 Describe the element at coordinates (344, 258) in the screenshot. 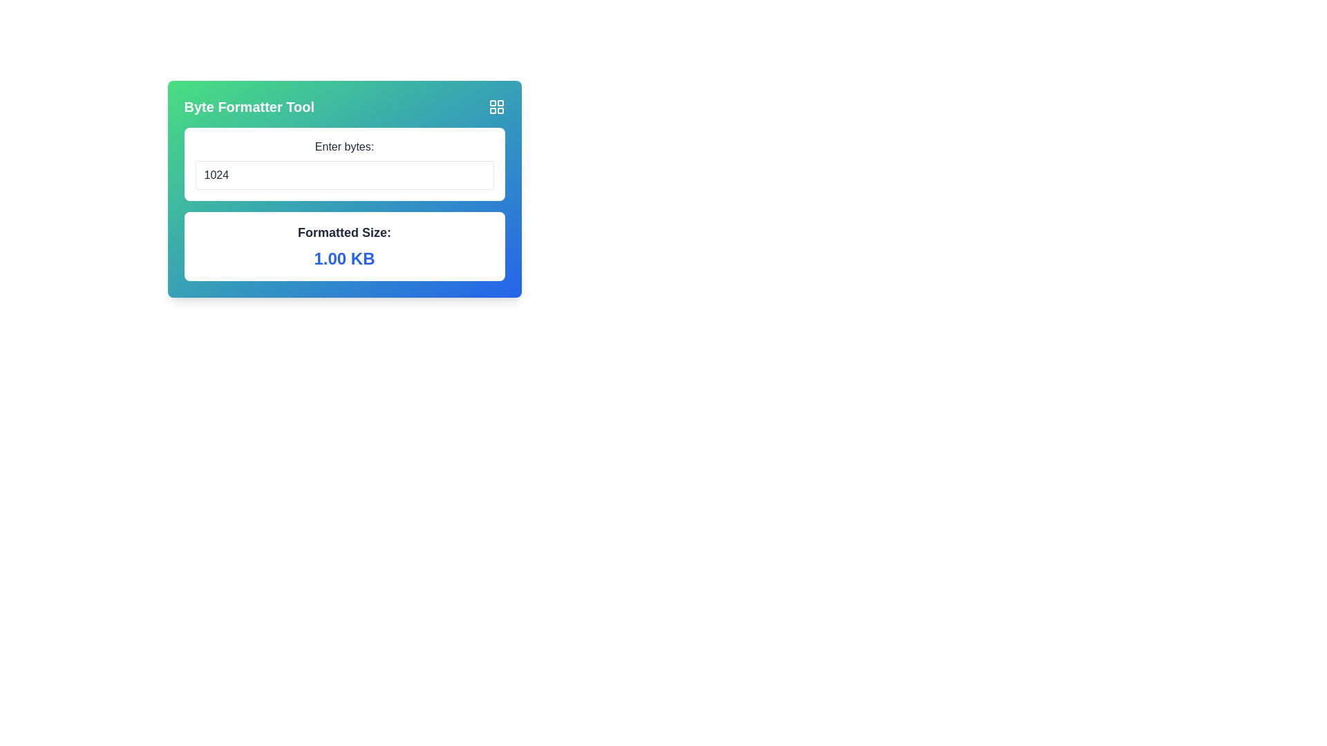

I see `the Static Text element that displays the formatted size of a given input byte value, positioned below the 'Formatted Size:' text` at that location.